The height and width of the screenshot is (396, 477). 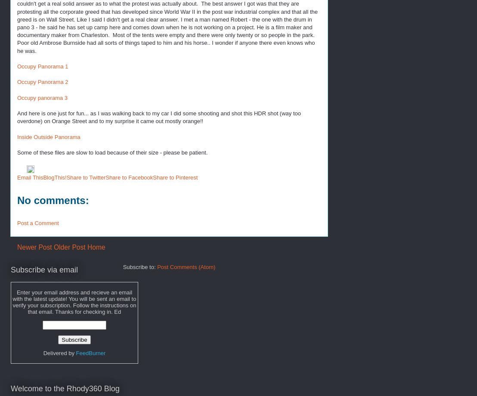 What do you see at coordinates (42, 97) in the screenshot?
I see `'Occupy panorama 3'` at bounding box center [42, 97].